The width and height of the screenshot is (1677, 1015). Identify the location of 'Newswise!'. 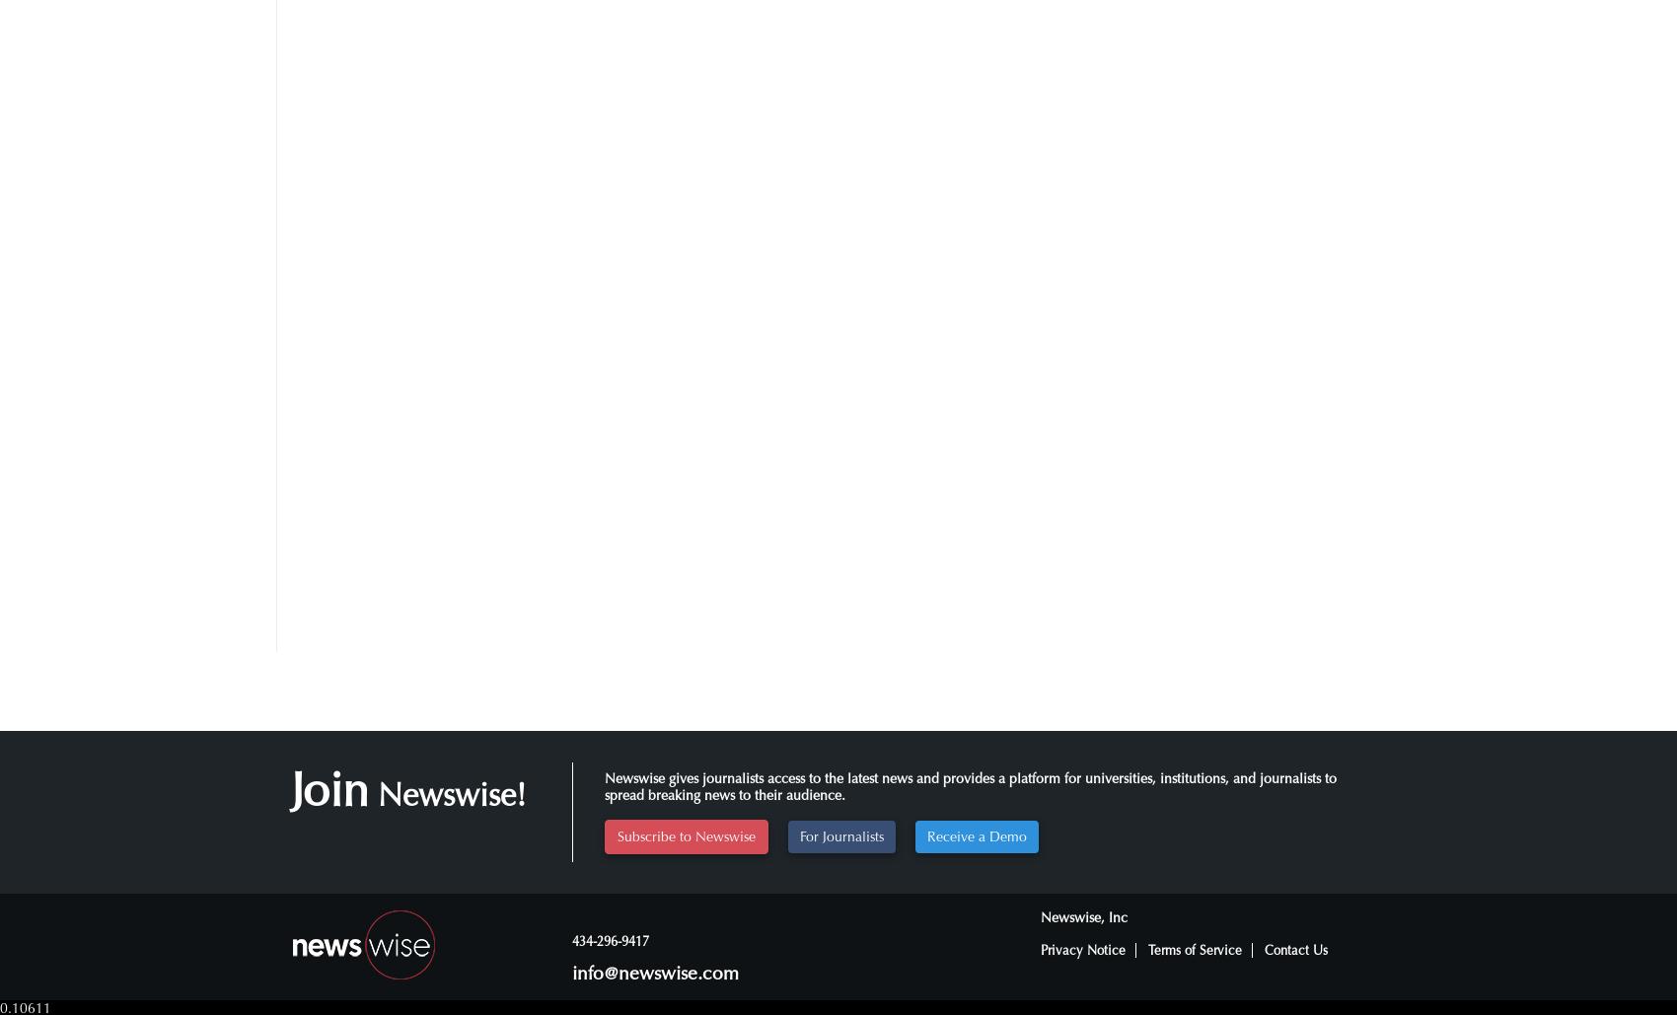
(448, 795).